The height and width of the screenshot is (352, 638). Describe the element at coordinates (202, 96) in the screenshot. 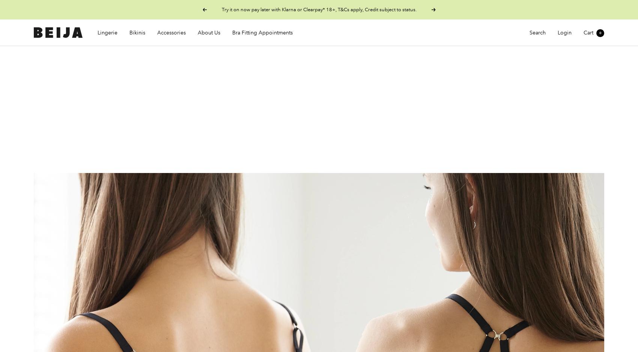

I see `'Deep Bikini Brief'` at that location.